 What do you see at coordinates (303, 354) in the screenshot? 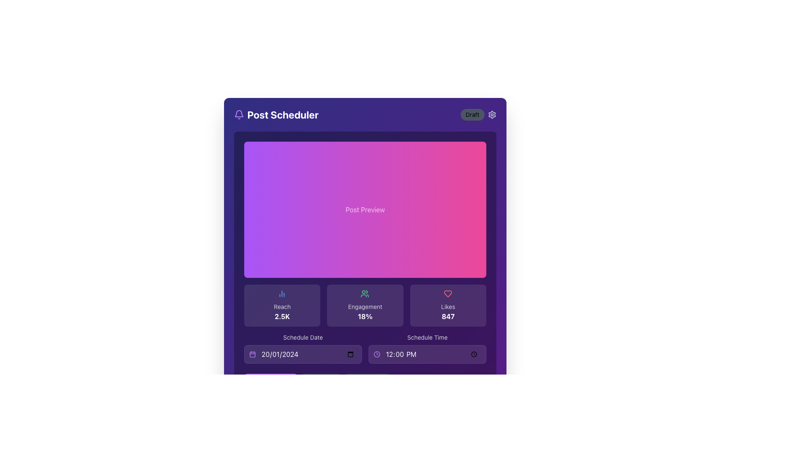
I see `the Date input field located near the bottom-left of the 'Schedule Date' section` at bounding box center [303, 354].